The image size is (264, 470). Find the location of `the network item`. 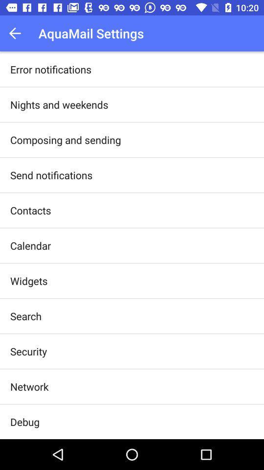

the network item is located at coordinates (29, 386).